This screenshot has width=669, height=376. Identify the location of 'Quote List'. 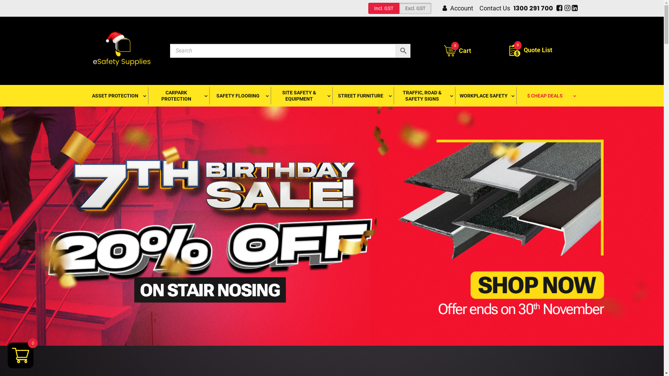
(530, 50).